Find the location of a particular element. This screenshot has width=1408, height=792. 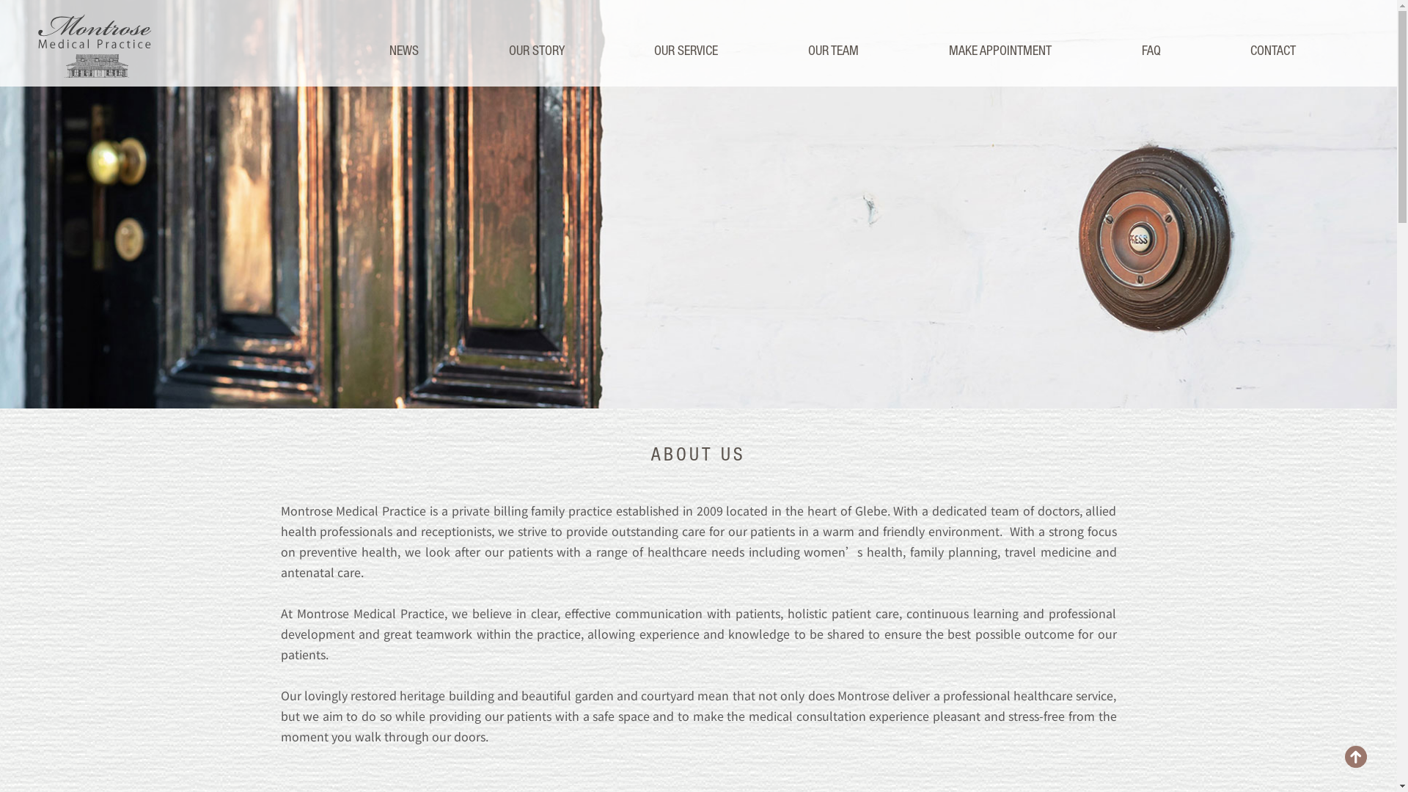

'OUR STORY' is located at coordinates (535, 50).